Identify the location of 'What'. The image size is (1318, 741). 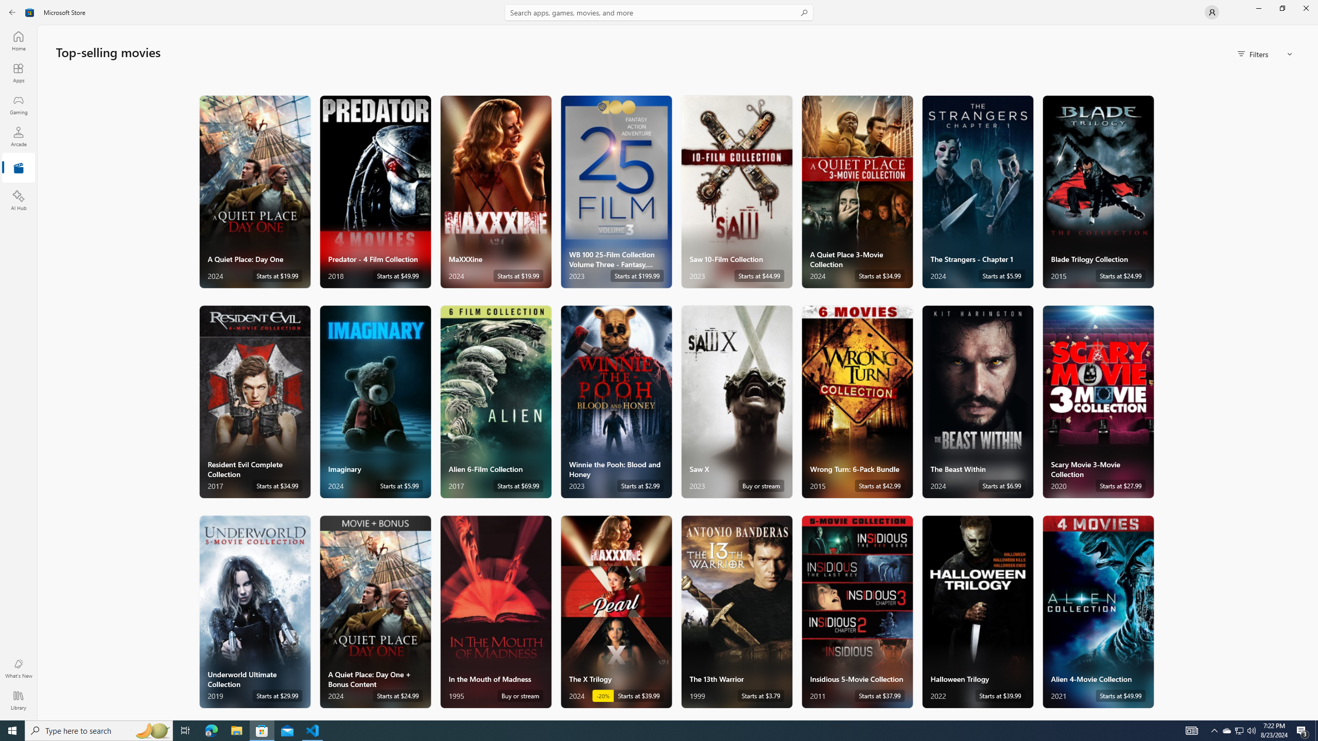
(18, 668).